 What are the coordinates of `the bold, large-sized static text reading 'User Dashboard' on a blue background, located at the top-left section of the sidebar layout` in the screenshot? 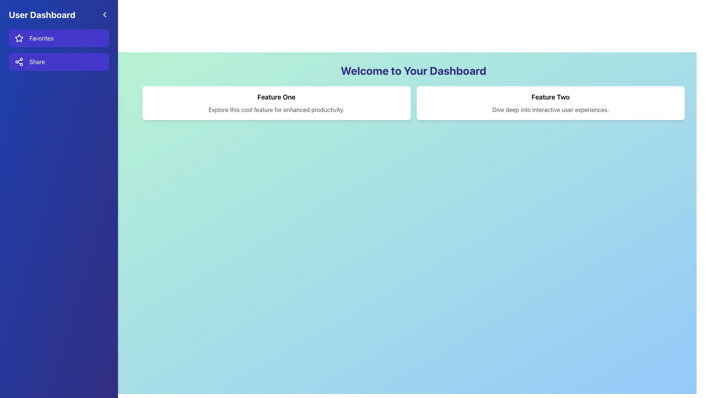 It's located at (42, 14).